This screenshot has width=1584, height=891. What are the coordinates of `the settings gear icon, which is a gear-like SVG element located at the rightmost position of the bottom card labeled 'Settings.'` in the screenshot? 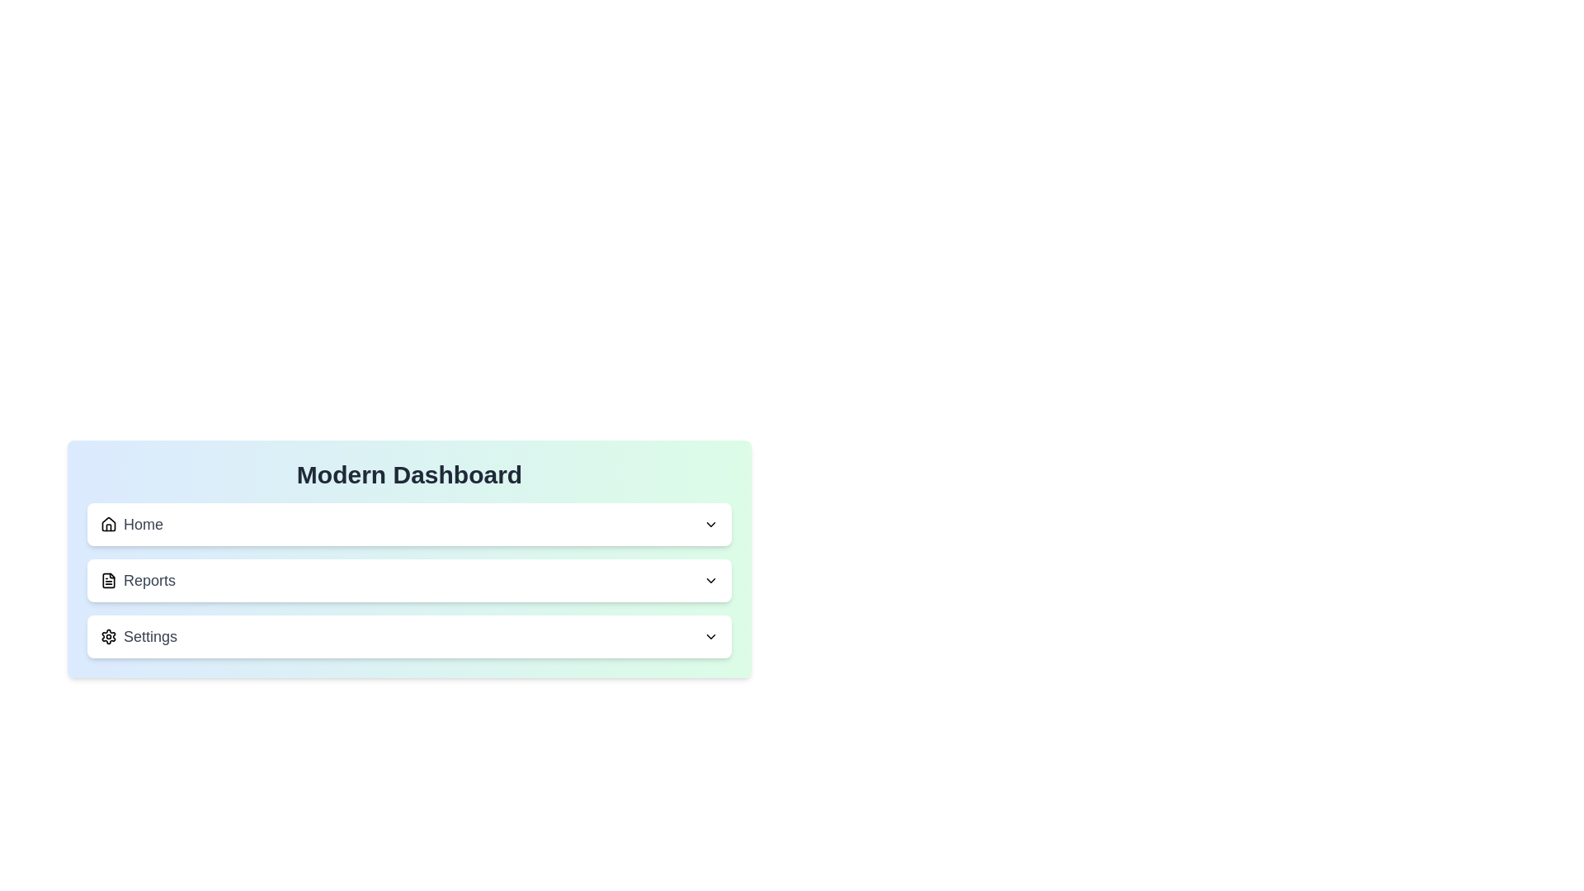 It's located at (108, 635).